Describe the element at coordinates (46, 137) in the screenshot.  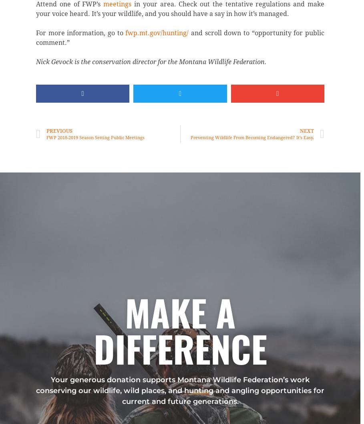
I see `'FWP 2018-2019 Season Setting Public Meetings'` at that location.